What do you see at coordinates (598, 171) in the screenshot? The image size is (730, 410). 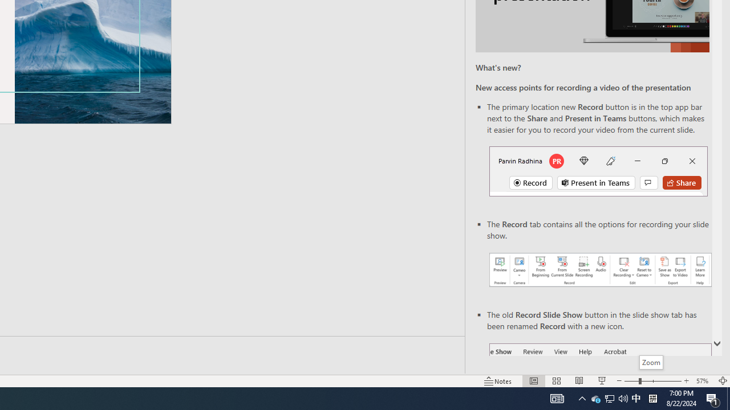 I see `'Record button in top bar'` at bounding box center [598, 171].